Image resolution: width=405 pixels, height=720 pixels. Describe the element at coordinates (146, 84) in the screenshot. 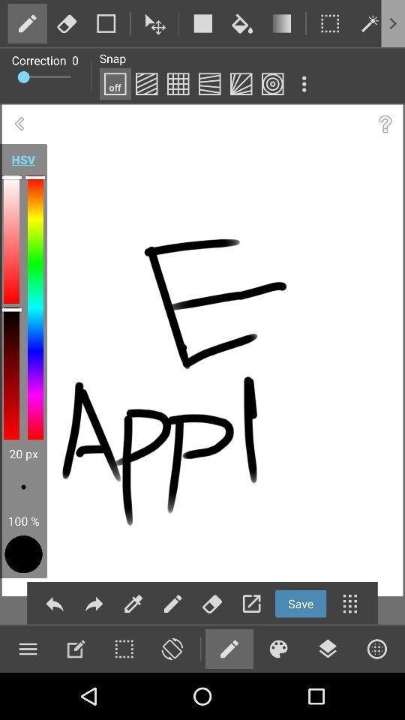

I see `shade` at that location.